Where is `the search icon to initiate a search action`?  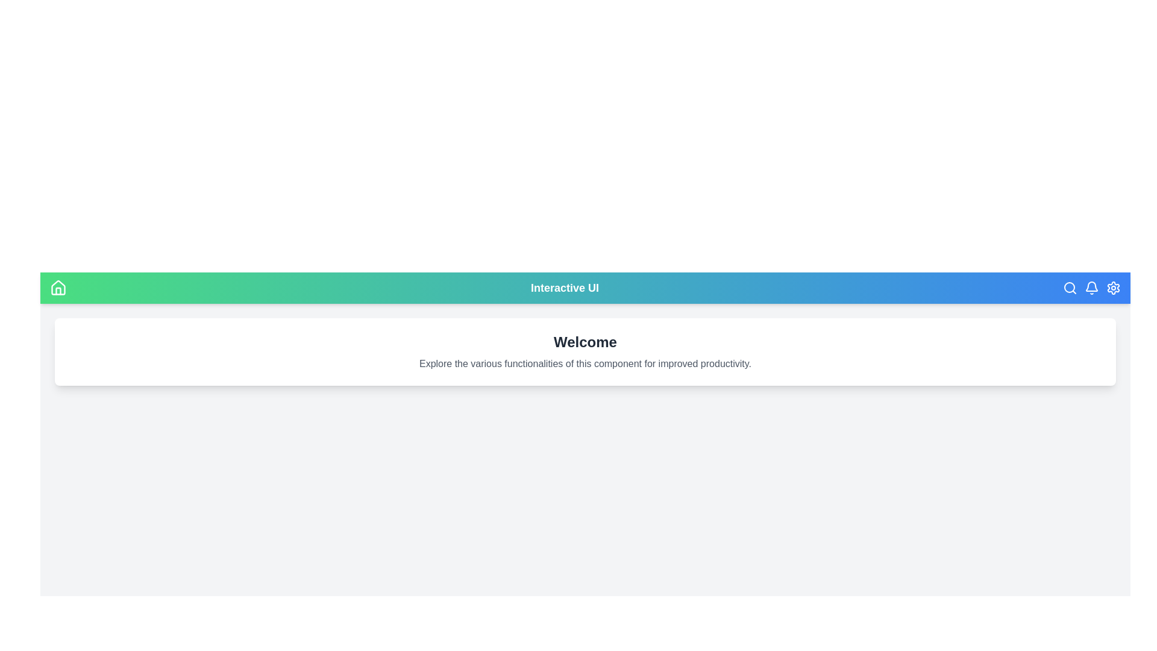
the search icon to initiate a search action is located at coordinates (1070, 288).